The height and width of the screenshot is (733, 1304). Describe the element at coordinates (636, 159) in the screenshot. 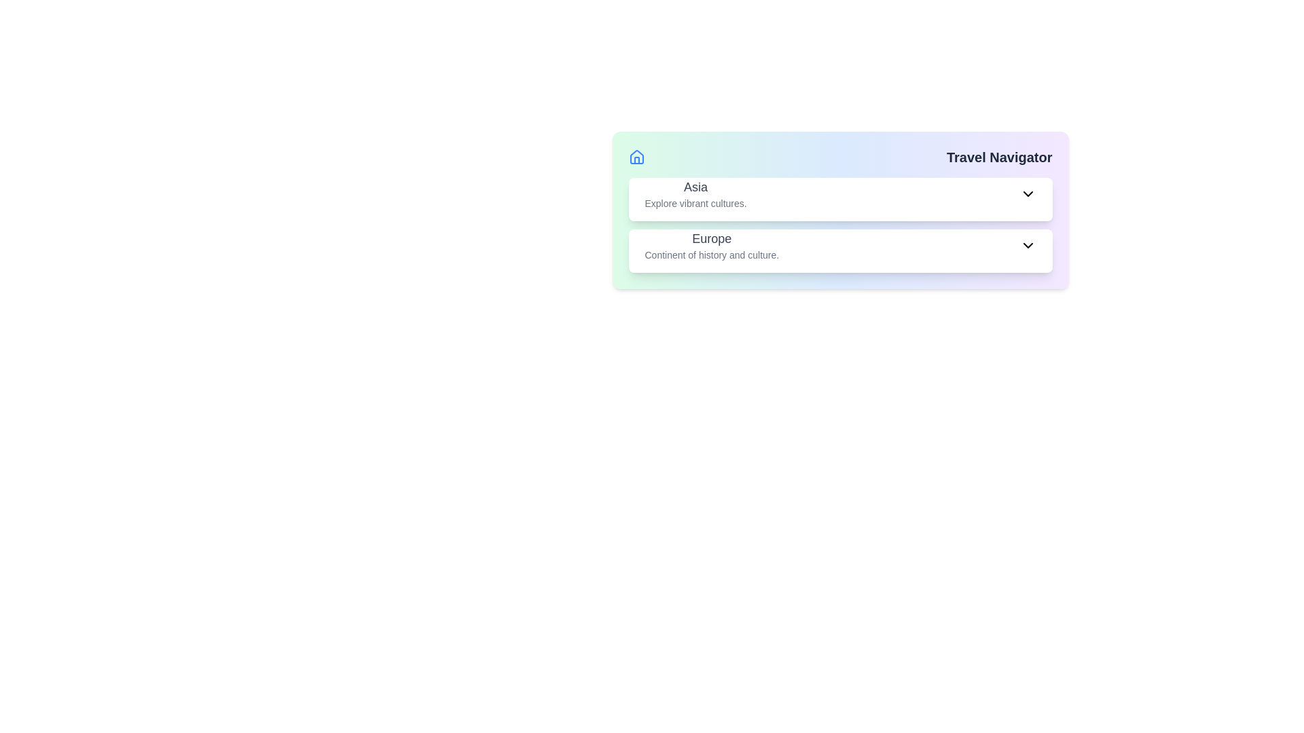

I see `the vertically elongated rectangle forming part of the house icon located at the top left corner of the card with a gradient background` at that location.